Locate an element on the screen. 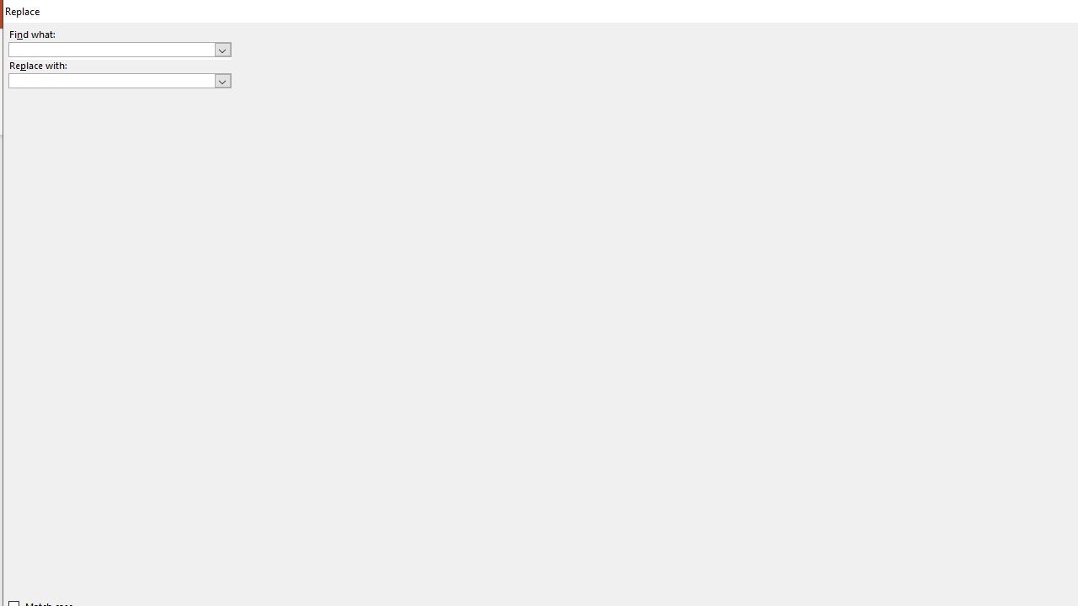 This screenshot has height=606, width=1078. 'Find what' is located at coordinates (119, 48).